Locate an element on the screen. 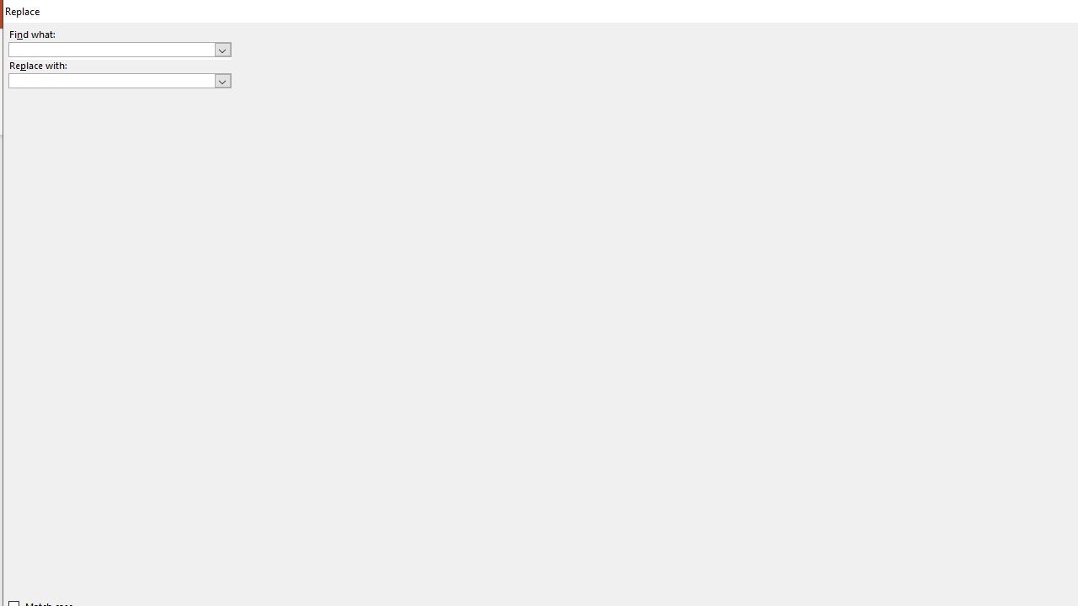 This screenshot has height=606, width=1078. 'Find what' is located at coordinates (119, 48).